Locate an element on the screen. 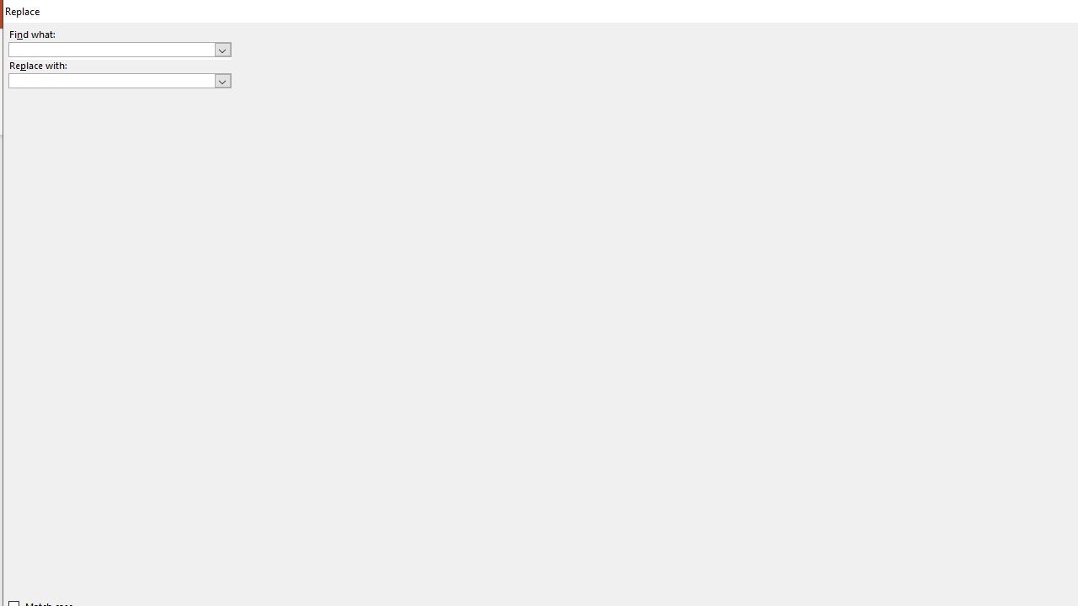 This screenshot has height=606, width=1078. 'Find what' is located at coordinates (119, 48).